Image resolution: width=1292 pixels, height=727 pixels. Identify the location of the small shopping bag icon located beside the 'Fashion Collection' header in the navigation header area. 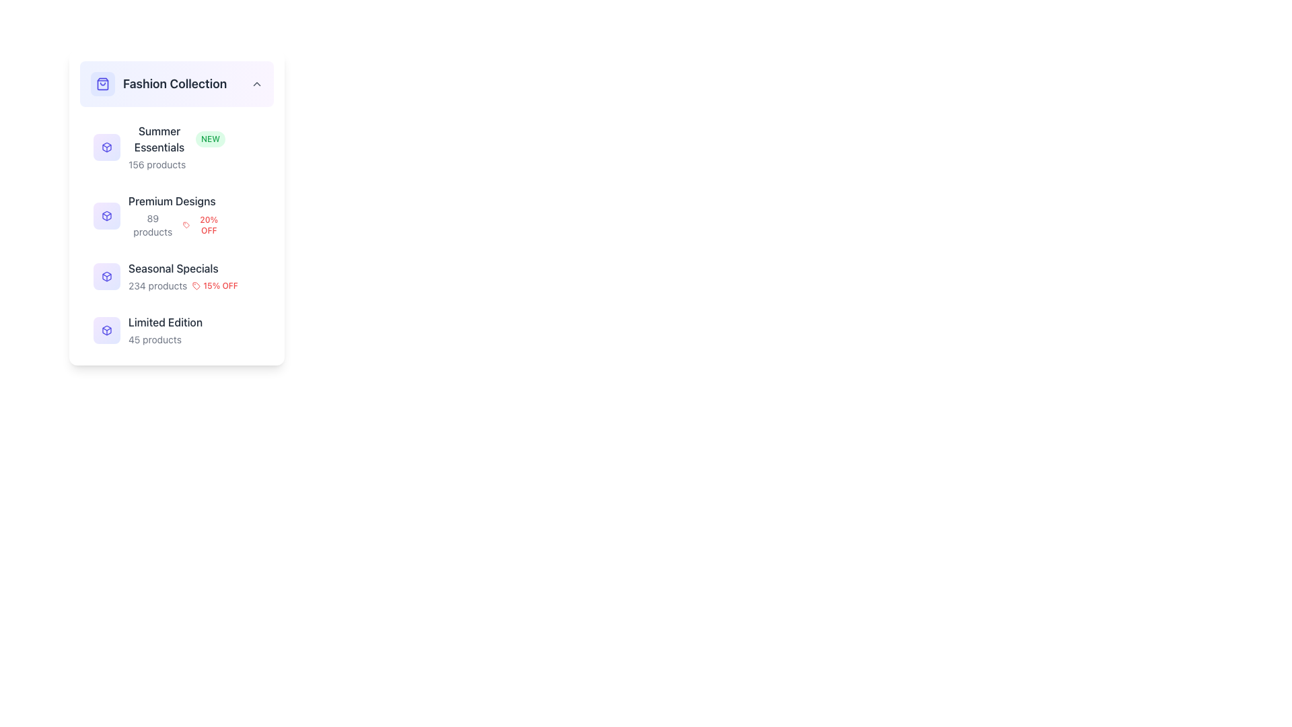
(102, 83).